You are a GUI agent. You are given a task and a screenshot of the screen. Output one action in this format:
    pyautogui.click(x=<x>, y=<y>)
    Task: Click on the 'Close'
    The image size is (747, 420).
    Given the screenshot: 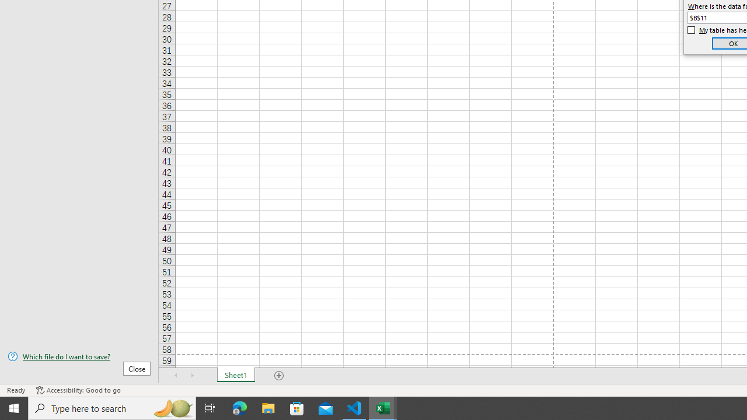 What is the action you would take?
    pyautogui.click(x=137, y=368)
    